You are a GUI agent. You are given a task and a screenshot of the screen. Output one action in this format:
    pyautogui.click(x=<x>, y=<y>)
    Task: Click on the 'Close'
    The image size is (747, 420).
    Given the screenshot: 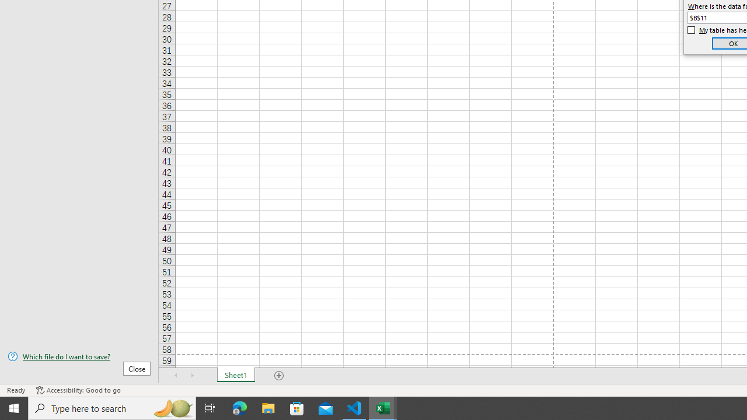 What is the action you would take?
    pyautogui.click(x=137, y=368)
    